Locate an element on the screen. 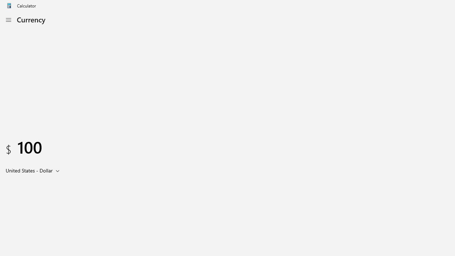 The image size is (455, 256). 'Input unit' is located at coordinates (34, 170).